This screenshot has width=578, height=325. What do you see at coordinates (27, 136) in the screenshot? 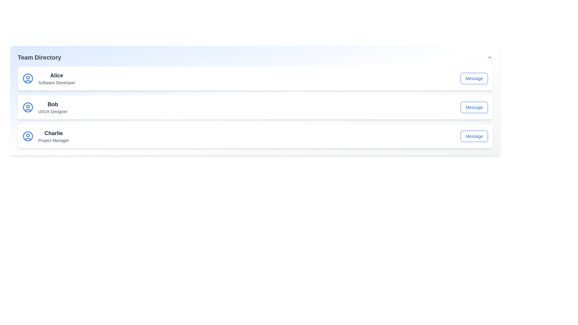
I see `the user icon representing 'Charlie', the Project Manager, located on the left side of the row labeled 'Charlie Project Manager'` at bounding box center [27, 136].